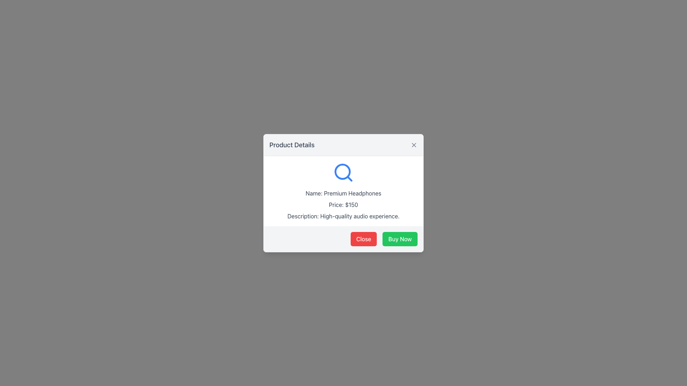 The height and width of the screenshot is (386, 687). I want to click on text from the 'Product Details' label, which is a medium-sized, bold, dark gray text located at the top-left corner of the modal dialog box, so click(292, 145).